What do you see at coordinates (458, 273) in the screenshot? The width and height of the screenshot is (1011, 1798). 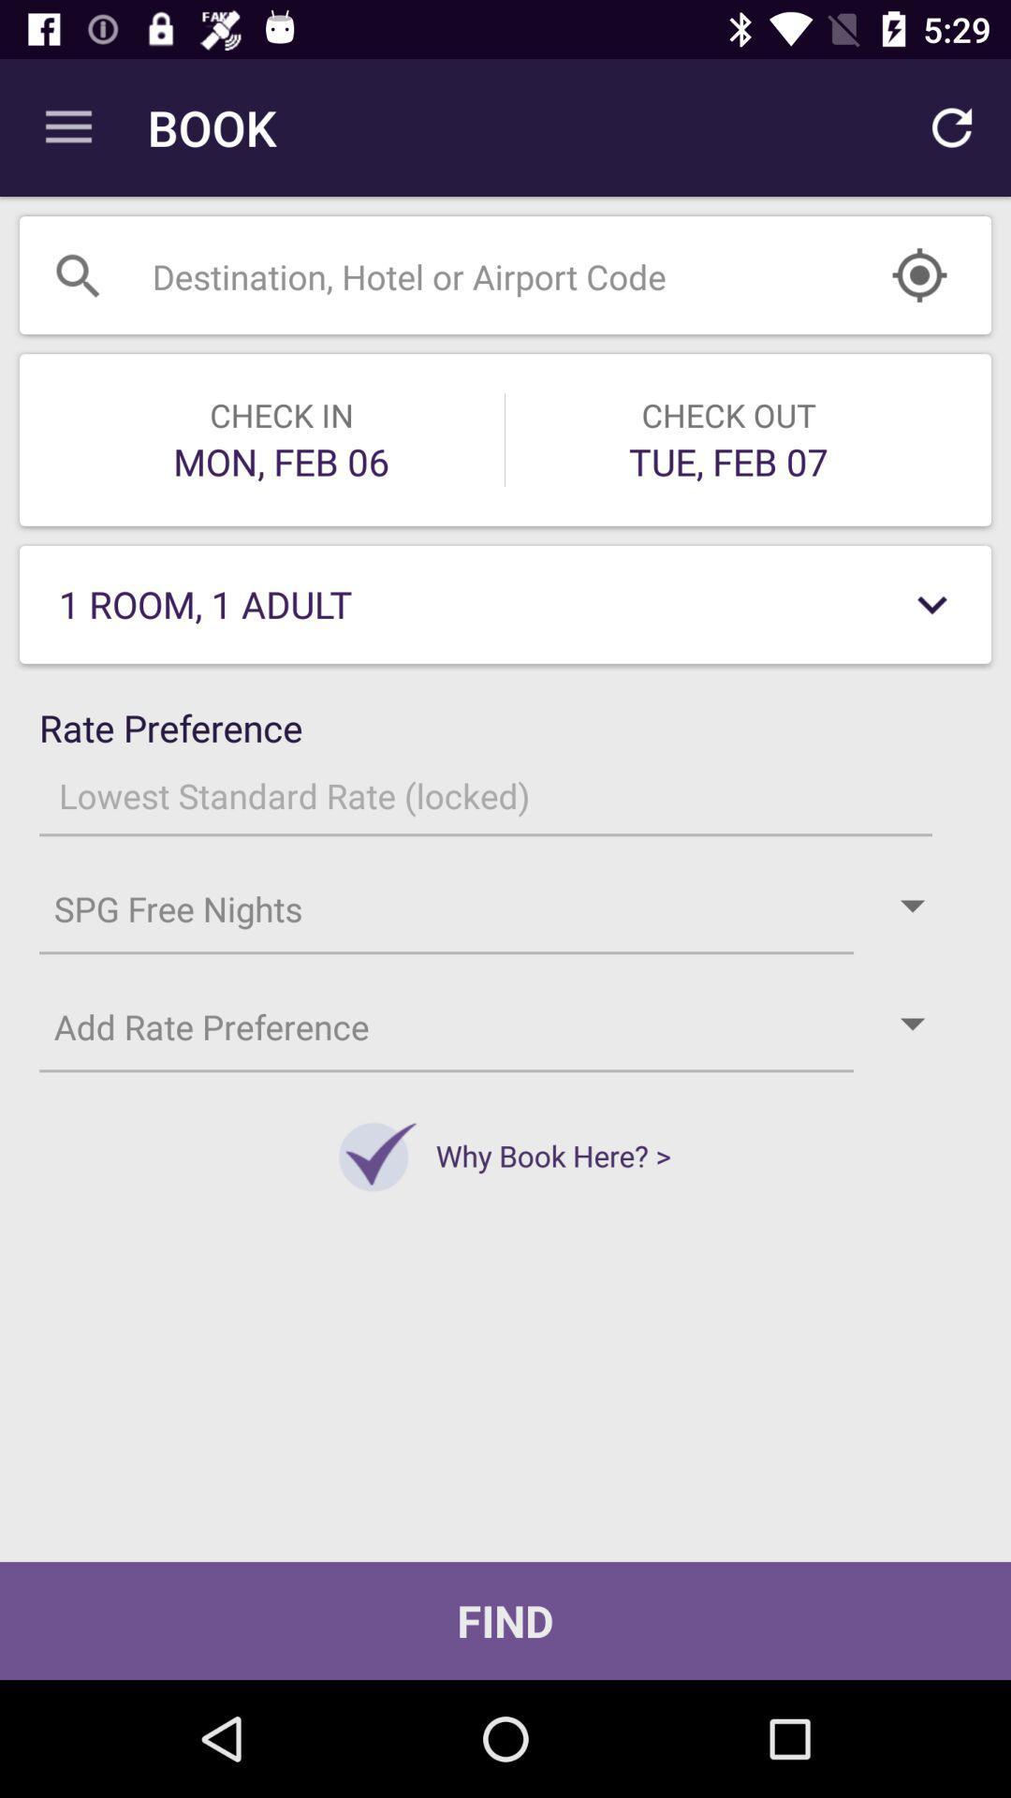 I see `search number here` at bounding box center [458, 273].